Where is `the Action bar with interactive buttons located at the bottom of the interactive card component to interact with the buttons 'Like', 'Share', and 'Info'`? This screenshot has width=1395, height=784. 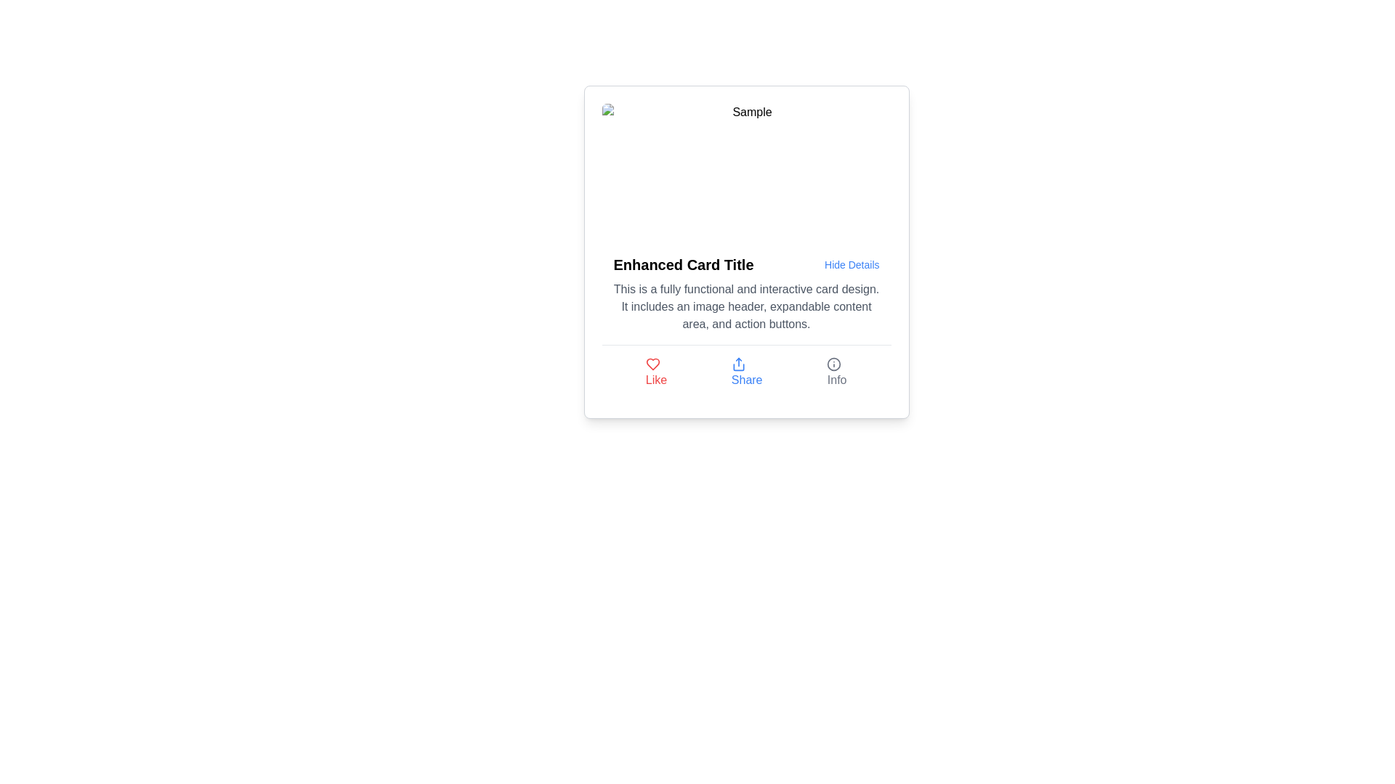
the Action bar with interactive buttons located at the bottom of the interactive card component to interact with the buttons 'Like', 'Share', and 'Info' is located at coordinates (746, 372).